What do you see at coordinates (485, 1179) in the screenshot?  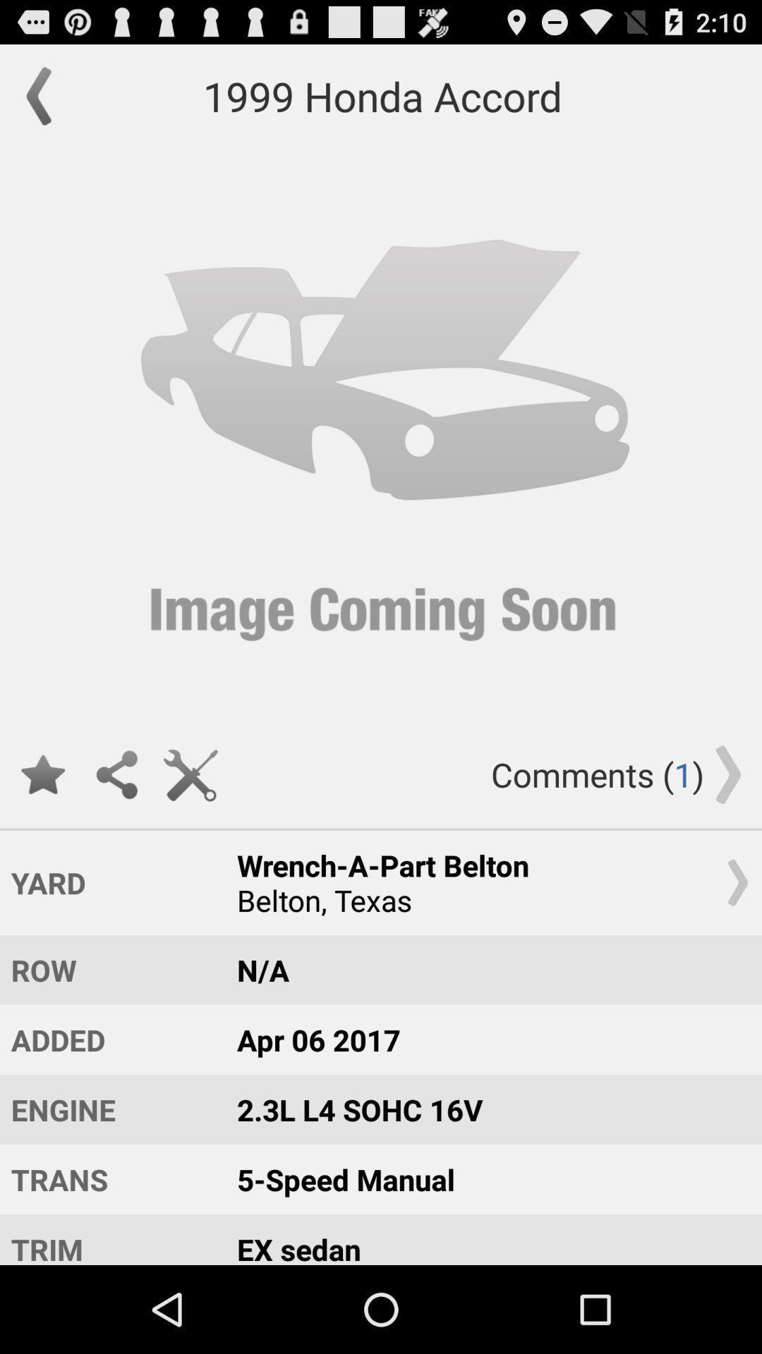 I see `the item below 2 3l l4` at bounding box center [485, 1179].